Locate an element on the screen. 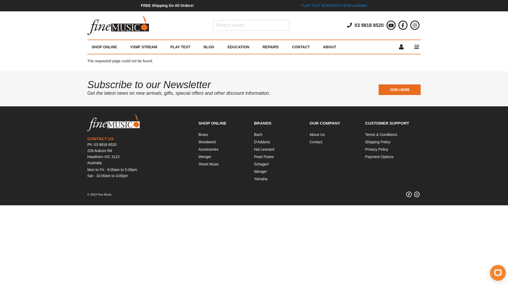 The height and width of the screenshot is (285, 508). 'Yamaha' is located at coordinates (261, 179).